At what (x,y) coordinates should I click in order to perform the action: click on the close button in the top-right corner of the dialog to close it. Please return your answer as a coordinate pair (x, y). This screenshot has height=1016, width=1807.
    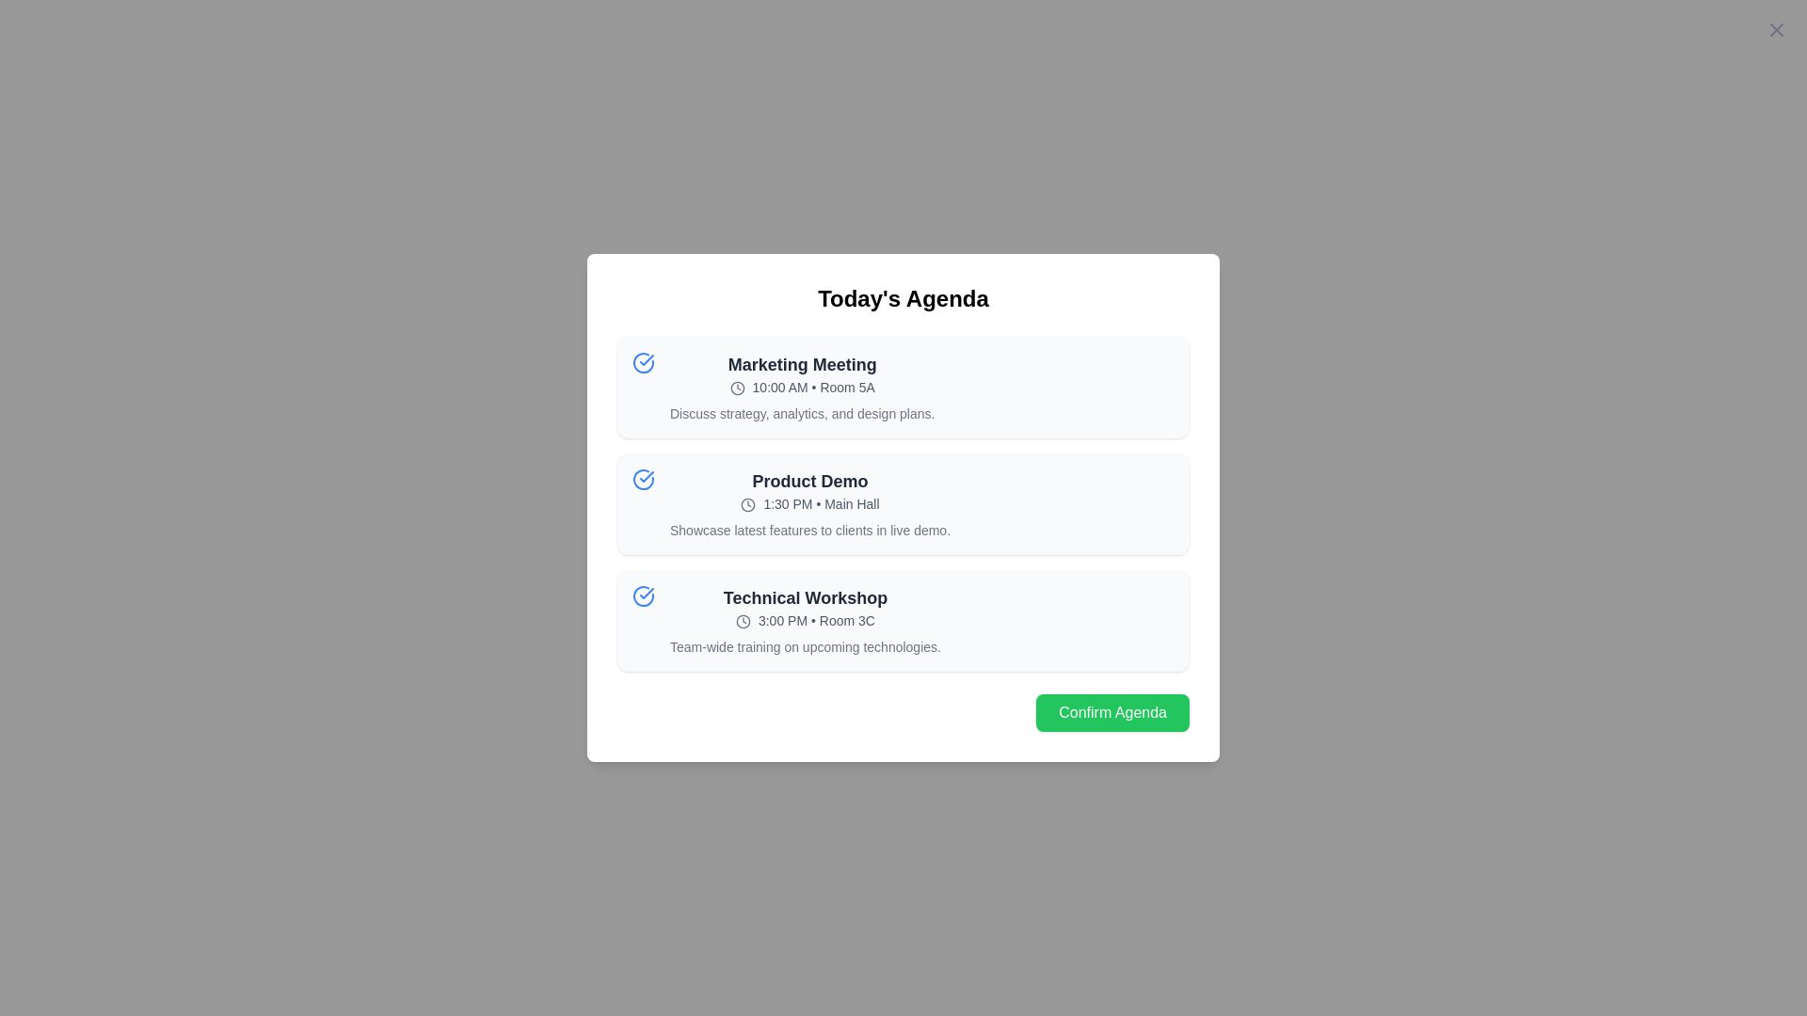
    Looking at the image, I should click on (1775, 29).